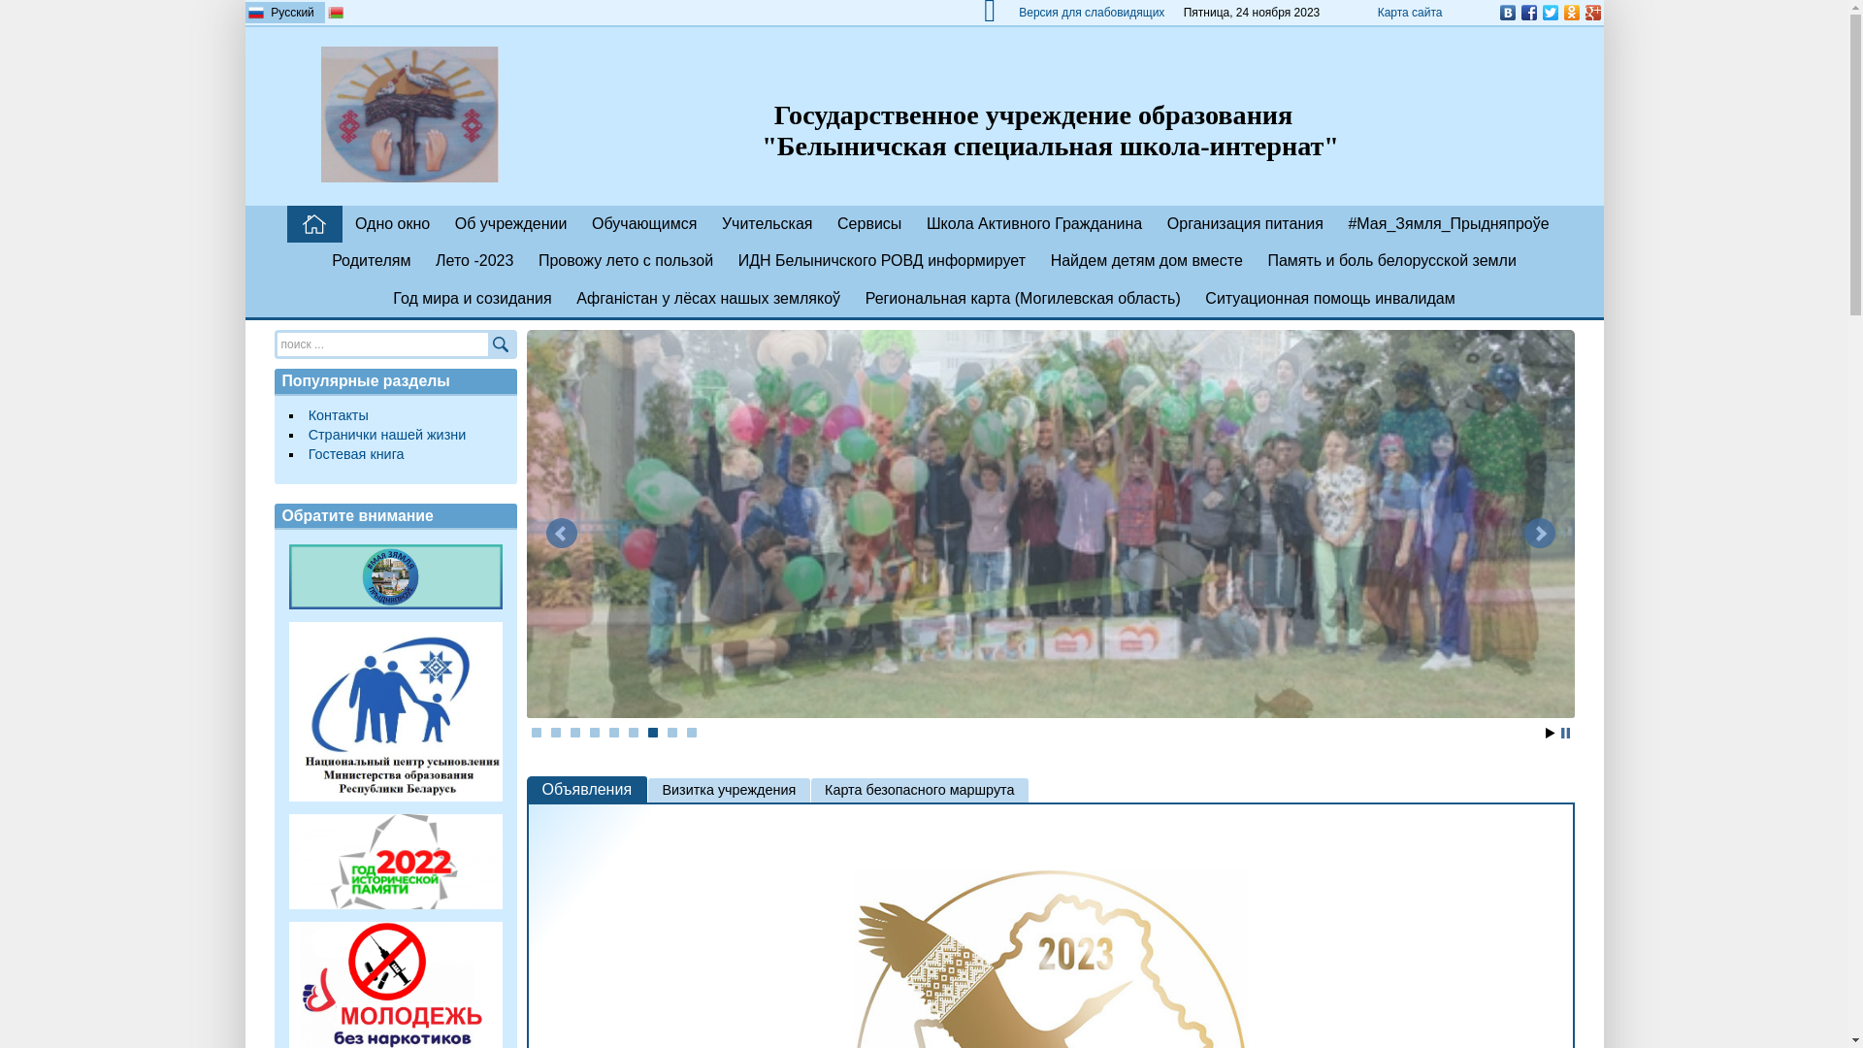 This screenshot has height=1048, width=1863. What do you see at coordinates (671, 733) in the screenshot?
I see `'8'` at bounding box center [671, 733].